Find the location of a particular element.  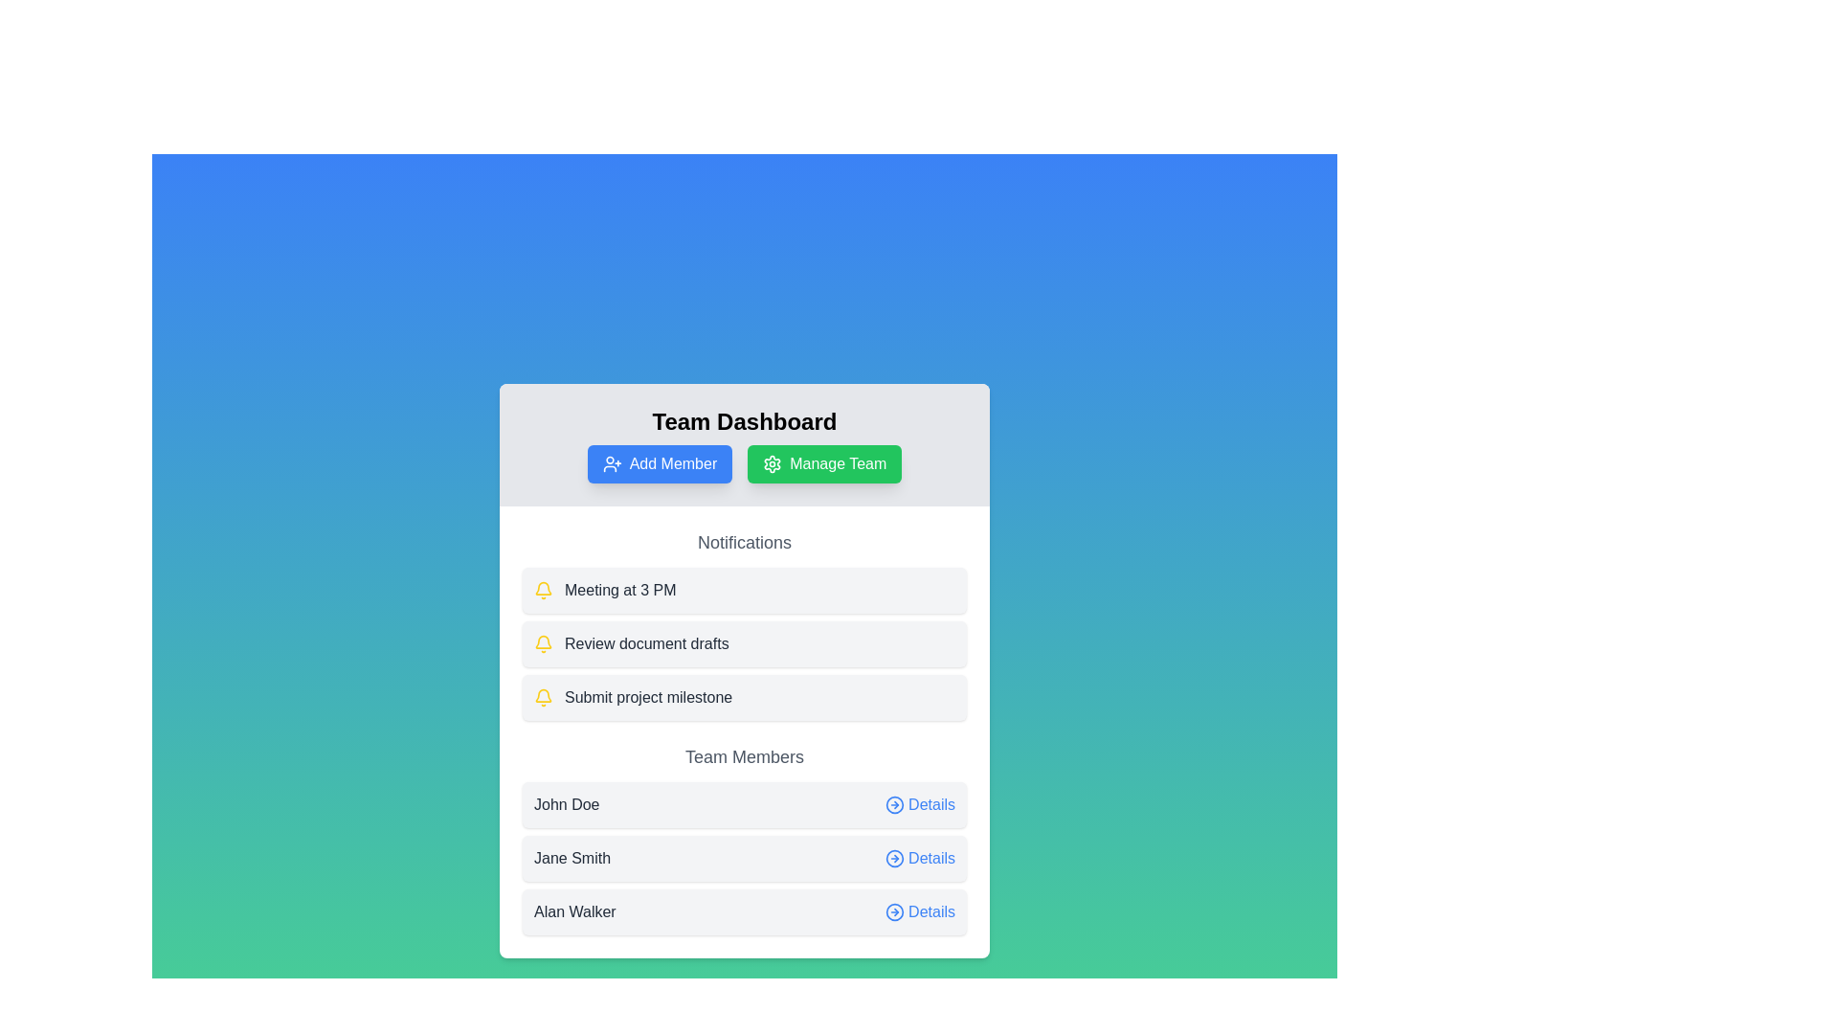

the 'add user' icon, which is a vector graphic silhouette bust of a person with a plus sign, located to the left of the blue button labeled 'Add Member' in the header section is located at coordinates (611, 464).